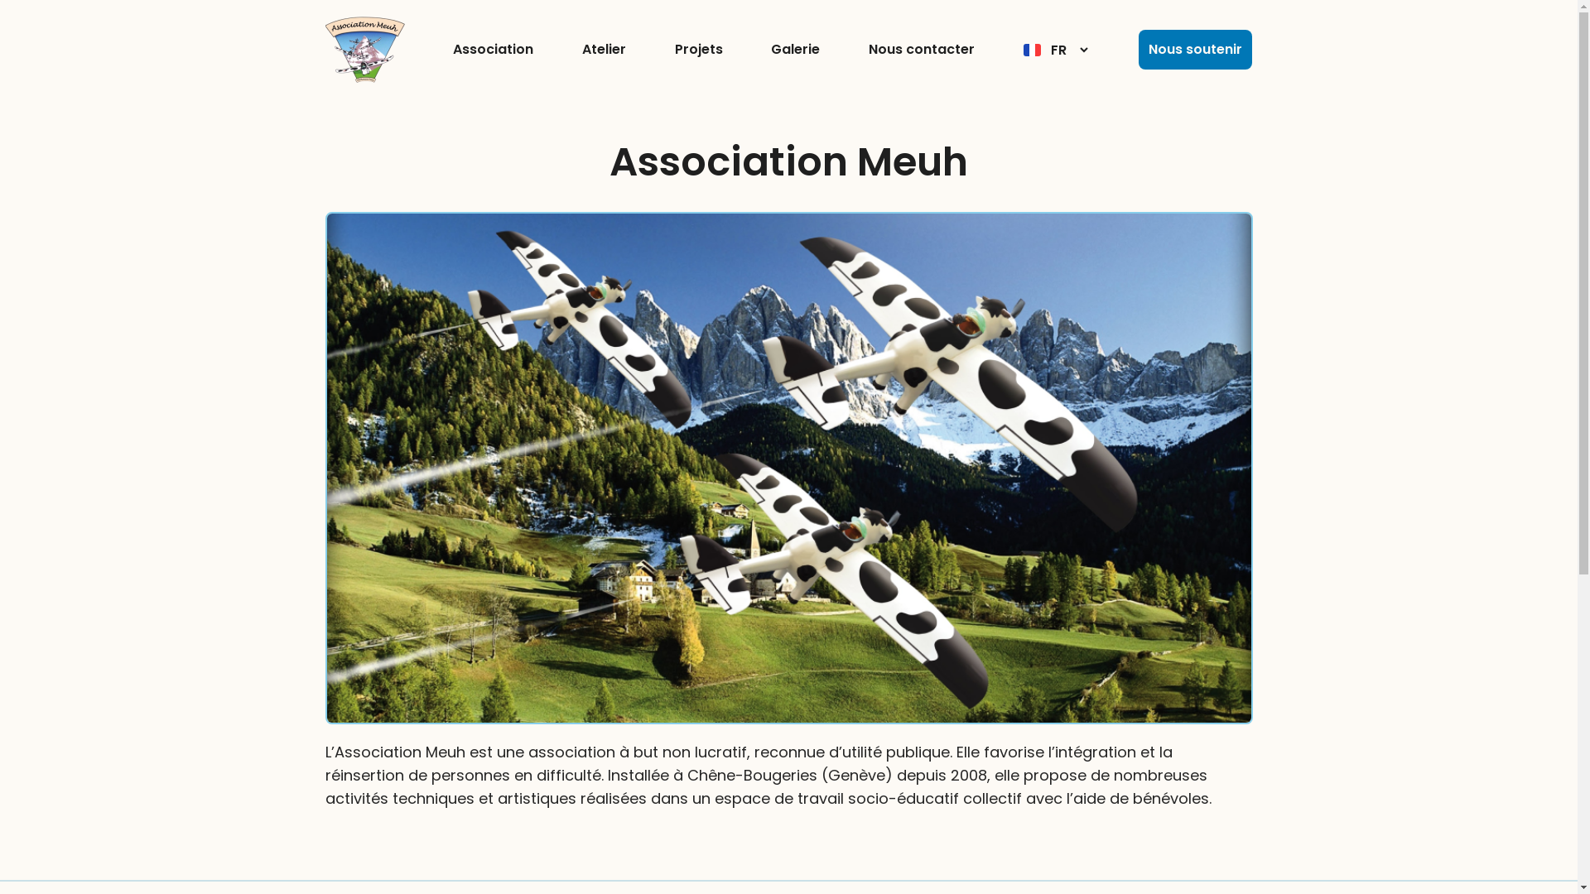 The height and width of the screenshot is (894, 1590). What do you see at coordinates (770, 49) in the screenshot?
I see `'Galerie'` at bounding box center [770, 49].